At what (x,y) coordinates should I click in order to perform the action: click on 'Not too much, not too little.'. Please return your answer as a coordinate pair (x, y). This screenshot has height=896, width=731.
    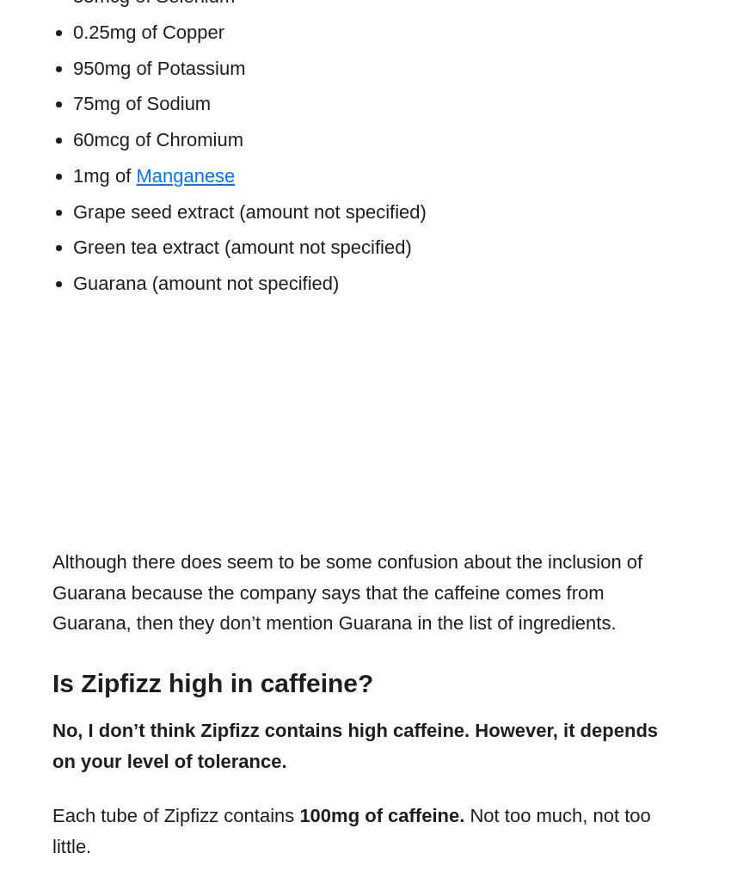
    Looking at the image, I should click on (351, 831).